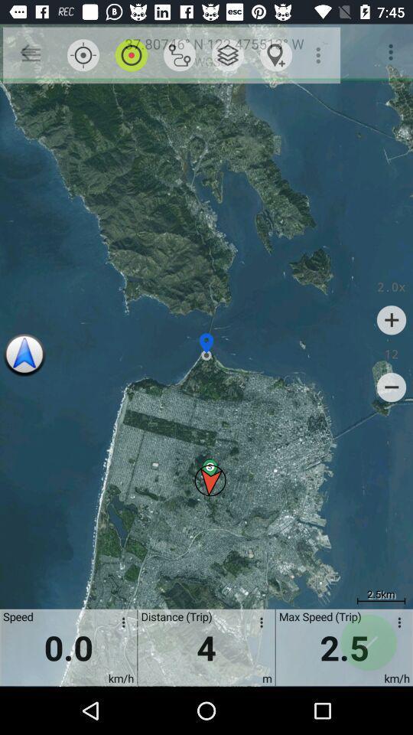  What do you see at coordinates (392, 319) in the screenshot?
I see `icon above 12 icon` at bounding box center [392, 319].